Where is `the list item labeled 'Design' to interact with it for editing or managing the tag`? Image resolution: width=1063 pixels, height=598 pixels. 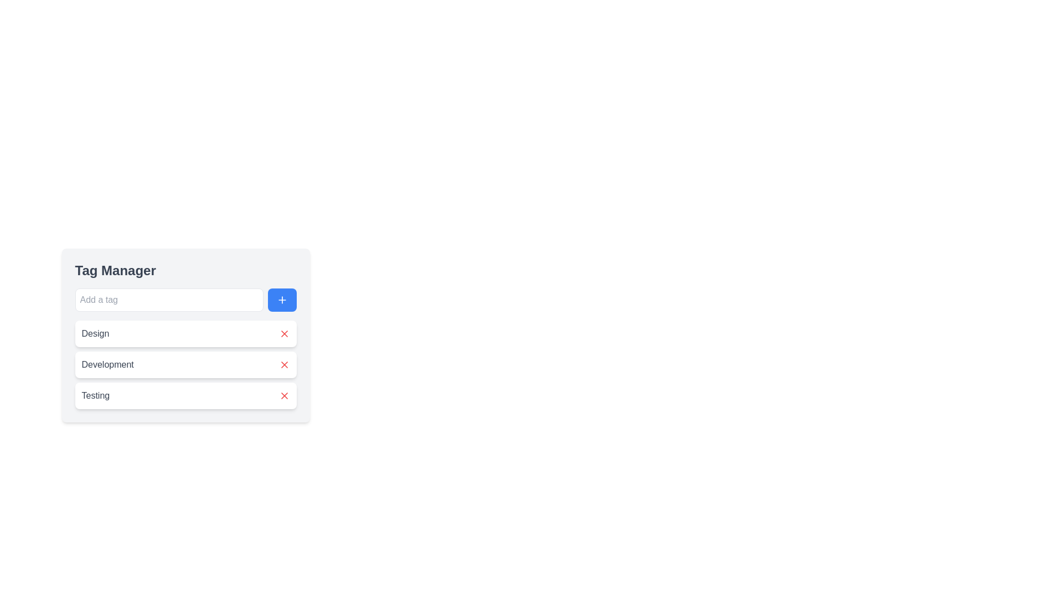 the list item labeled 'Design' to interact with it for editing or managing the tag is located at coordinates (185, 334).